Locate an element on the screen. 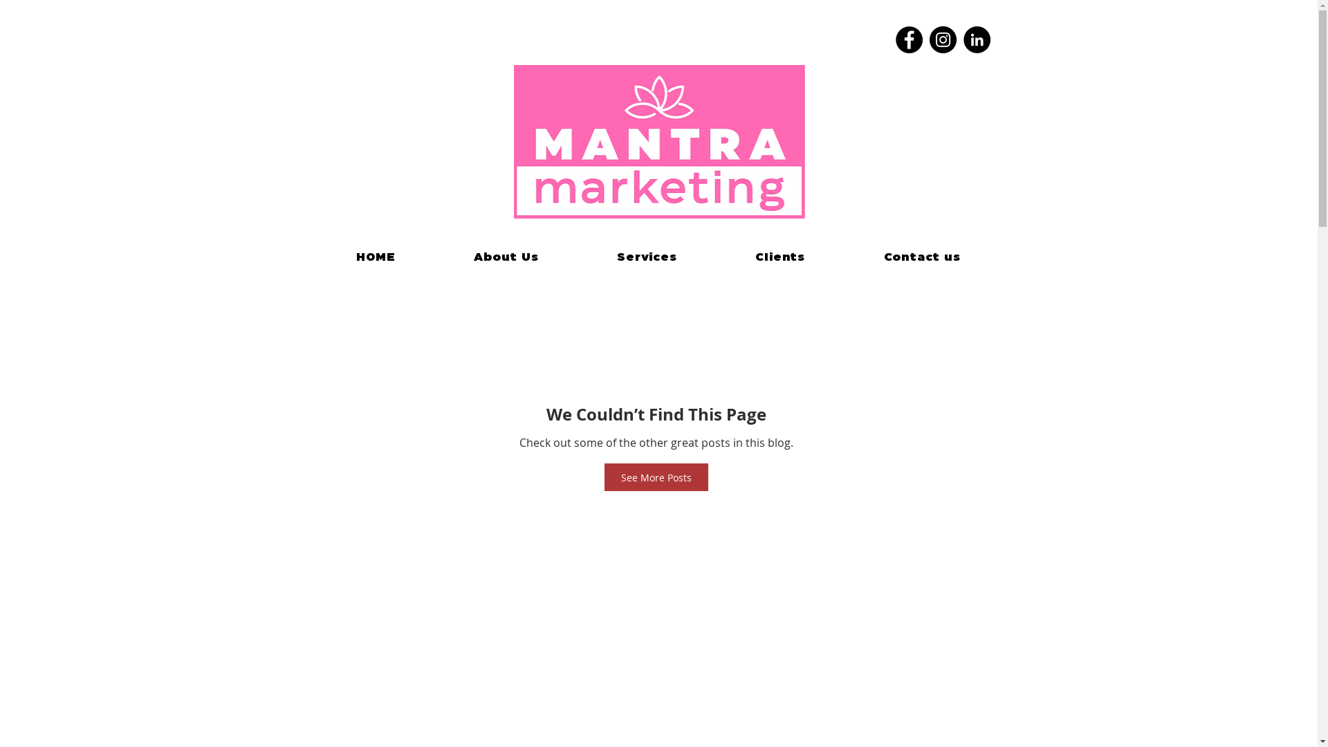 Image resolution: width=1328 pixels, height=747 pixels. 'See More Posts' is located at coordinates (656, 477).